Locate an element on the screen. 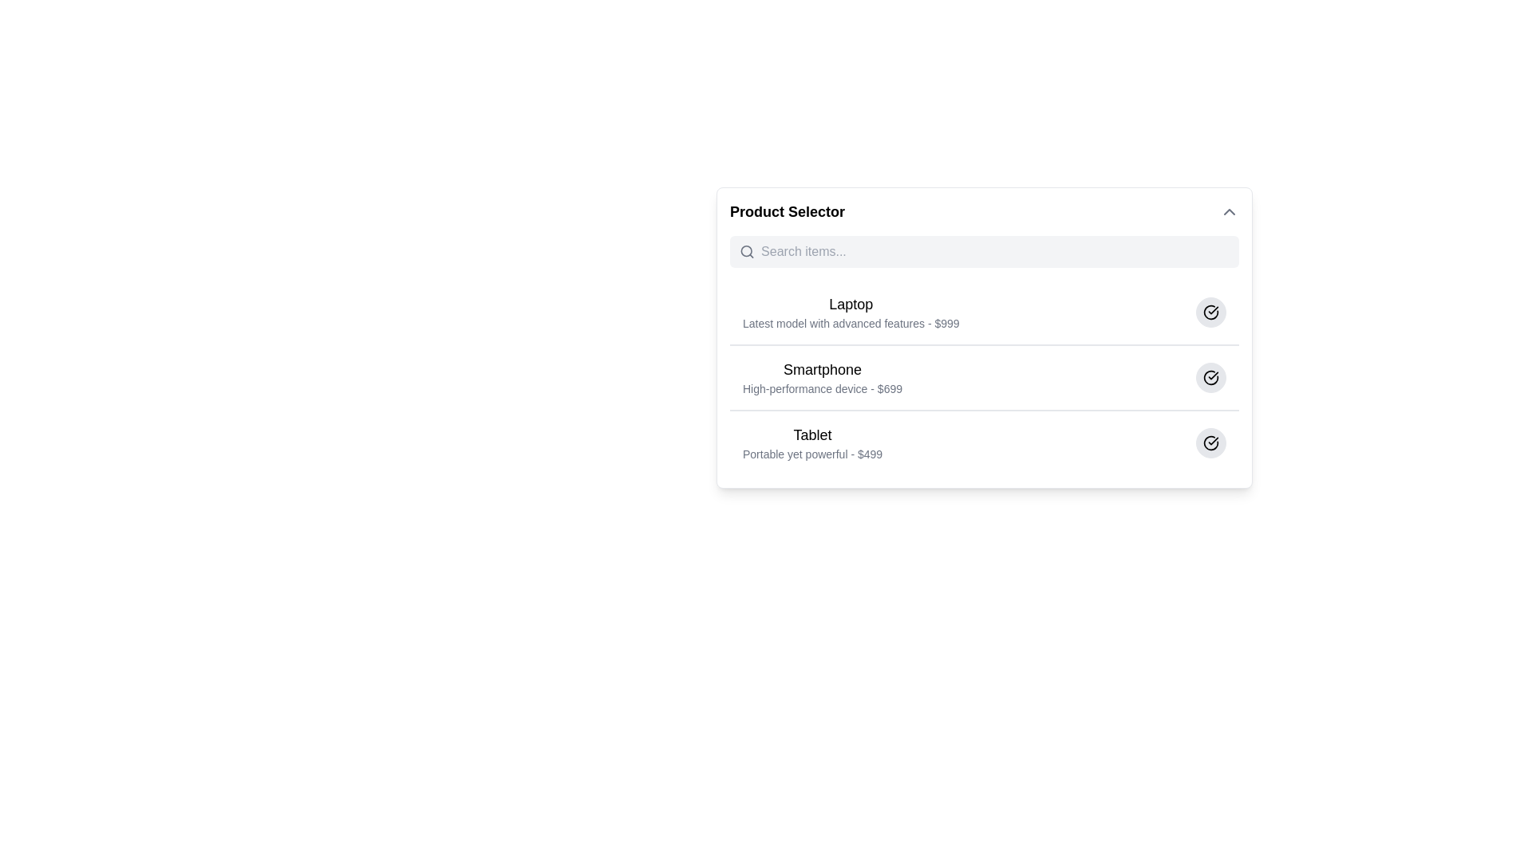 The image size is (1532, 861). the third product list item in the 'Product Selector' is located at coordinates (983, 442).